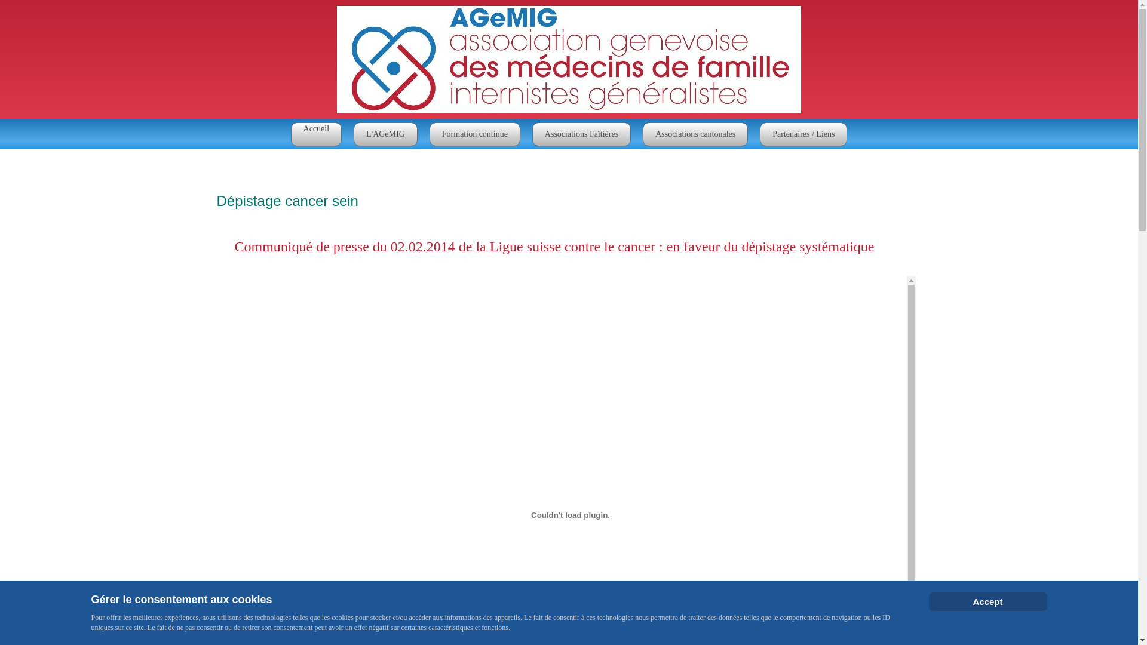 Image resolution: width=1147 pixels, height=645 pixels. I want to click on 'Accueil', so click(316, 134).